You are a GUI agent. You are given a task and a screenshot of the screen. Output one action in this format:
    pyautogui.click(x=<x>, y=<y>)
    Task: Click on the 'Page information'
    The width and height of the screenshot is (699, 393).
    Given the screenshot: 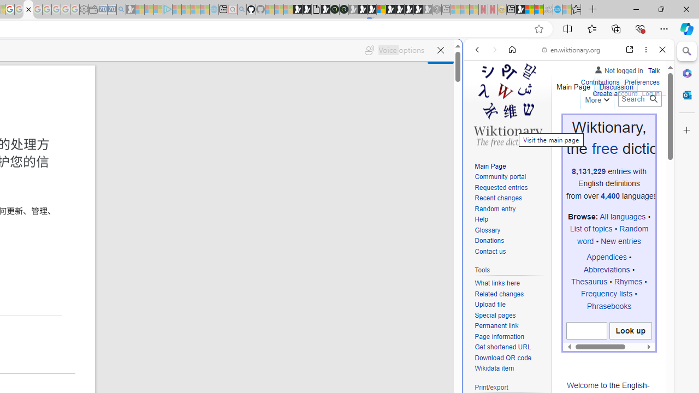 What is the action you would take?
    pyautogui.click(x=510, y=336)
    